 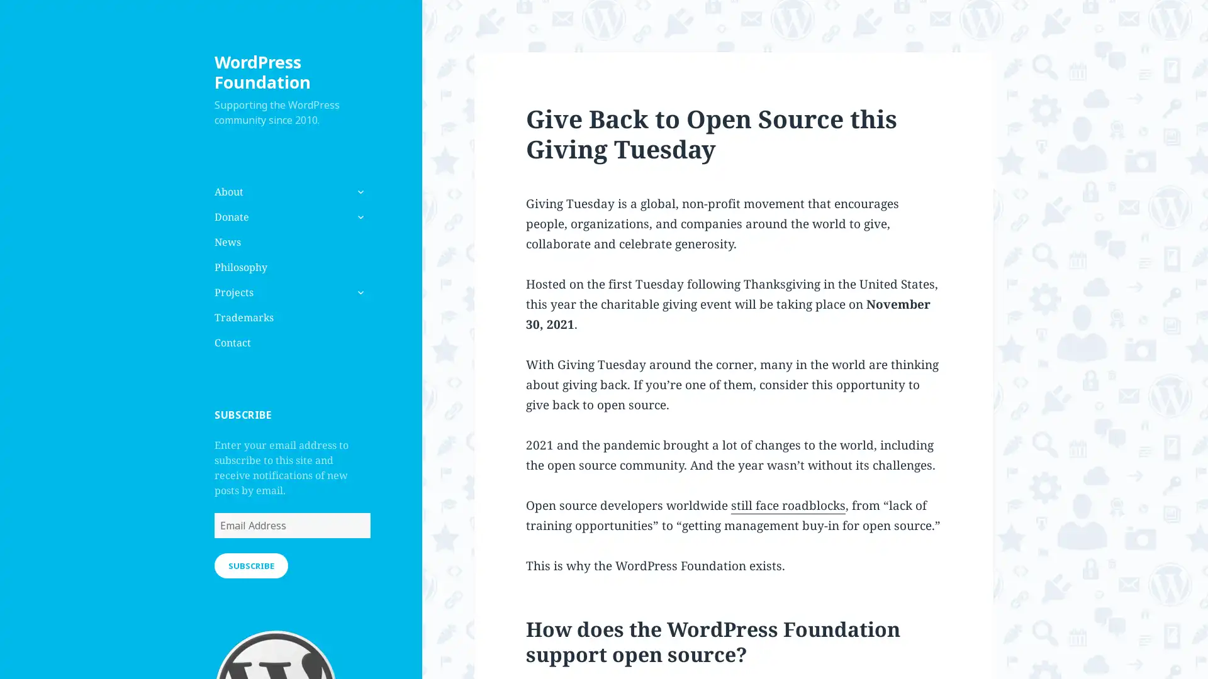 What do you see at coordinates (359, 292) in the screenshot?
I see `expand child menu` at bounding box center [359, 292].